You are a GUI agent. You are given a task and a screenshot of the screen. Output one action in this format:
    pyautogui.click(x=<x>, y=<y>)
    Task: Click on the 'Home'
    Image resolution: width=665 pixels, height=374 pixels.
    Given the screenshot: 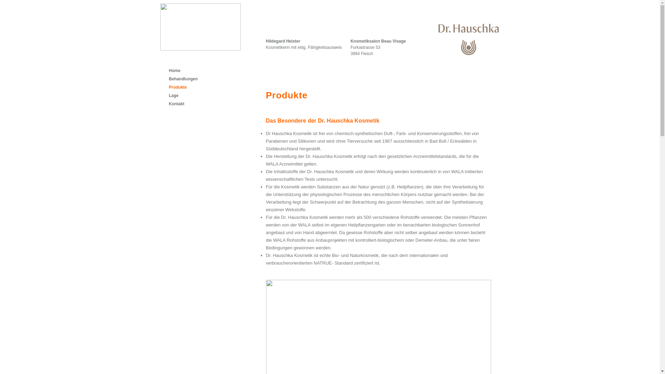 What is the action you would take?
    pyautogui.click(x=169, y=71)
    